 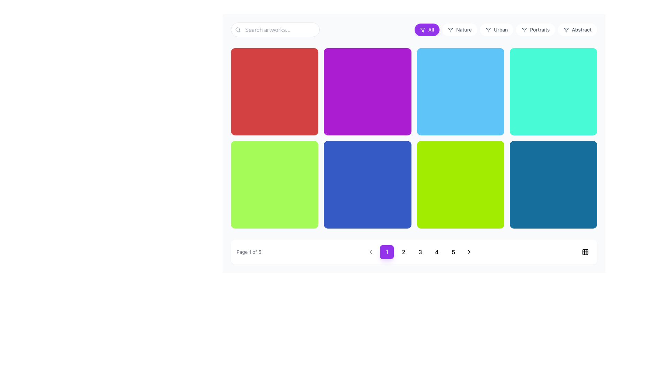 I want to click on the rightmost Chevron Icon in the pagination section, so click(x=469, y=252).